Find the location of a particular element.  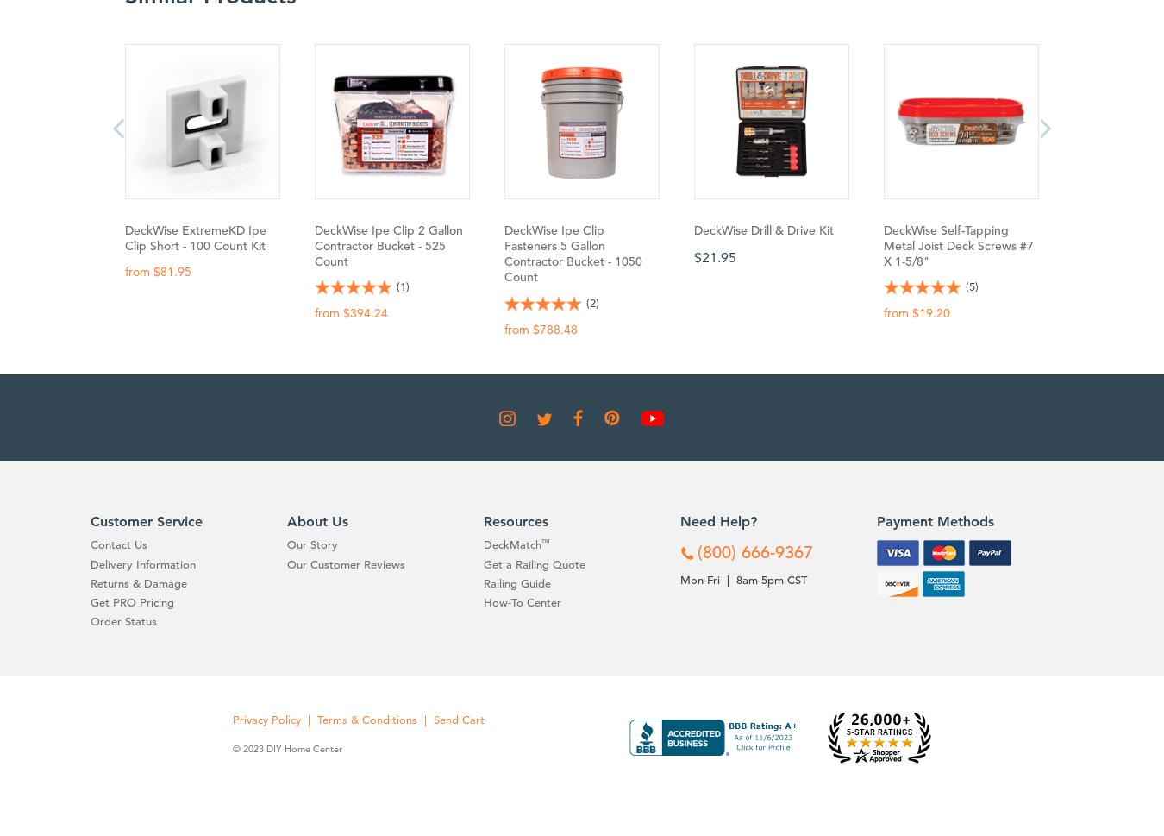

'Terms & Conditions' is located at coordinates (367, 718).